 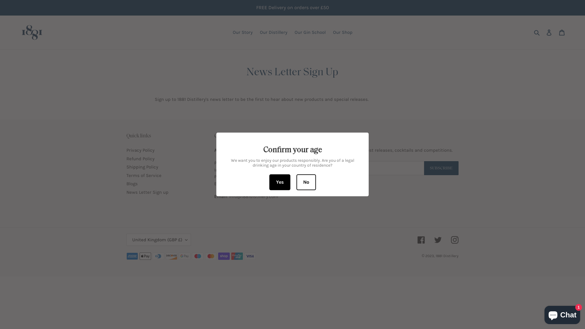 I want to click on 'Search', so click(x=537, y=32).